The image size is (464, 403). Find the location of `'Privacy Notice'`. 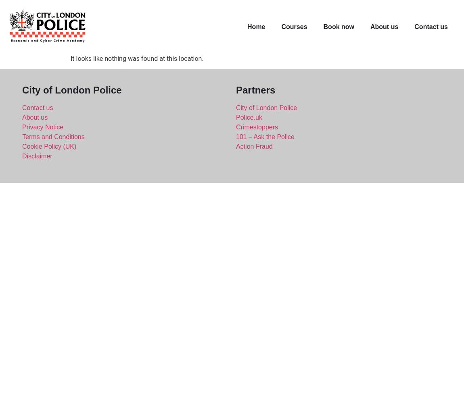

'Privacy Notice' is located at coordinates (42, 126).